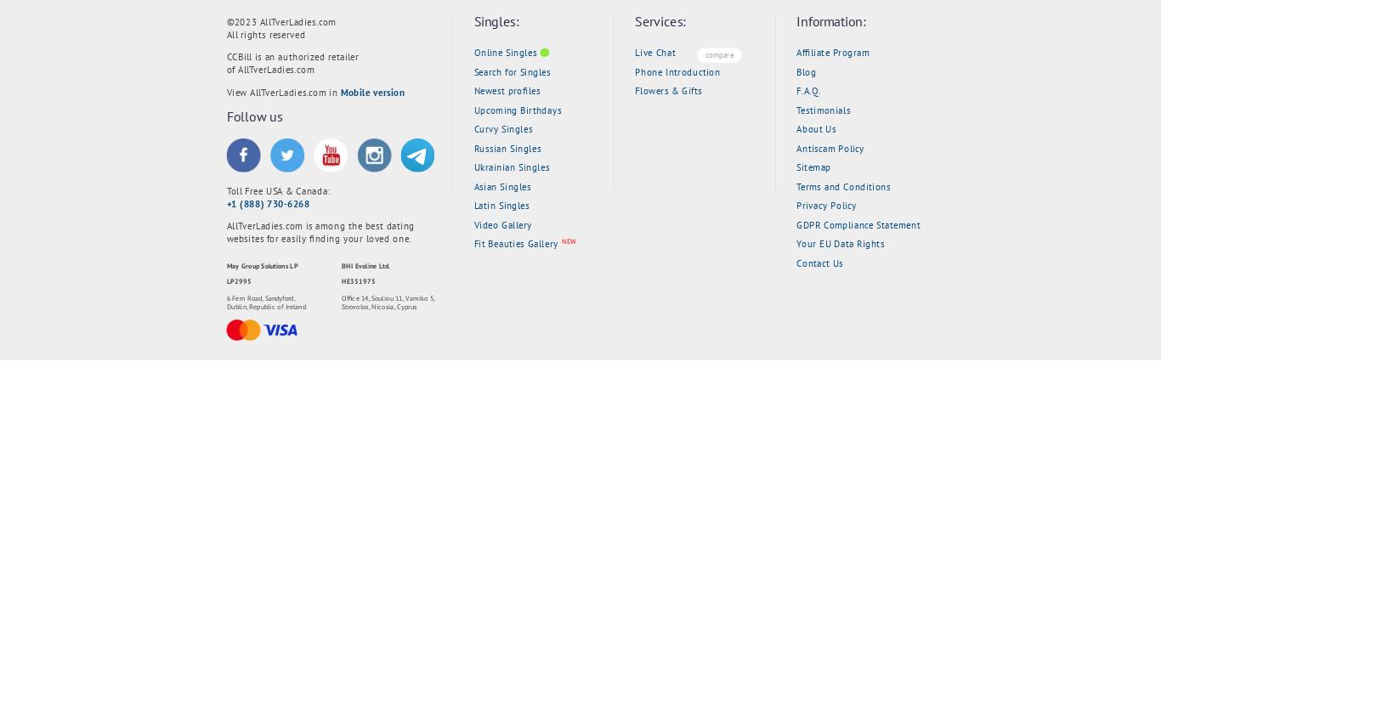  I want to click on 'View AllTverLadies.com in', so click(282, 90).